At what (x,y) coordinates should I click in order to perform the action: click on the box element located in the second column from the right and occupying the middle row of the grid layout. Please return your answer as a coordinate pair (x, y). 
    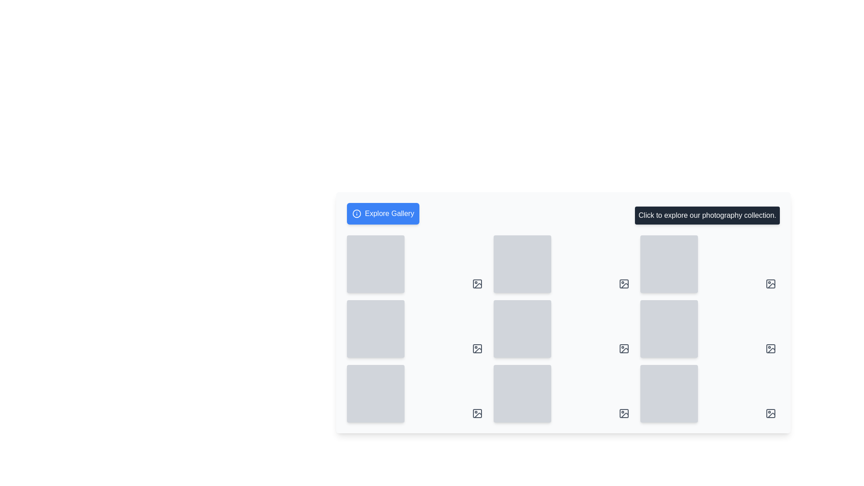
    Looking at the image, I should click on (669, 329).